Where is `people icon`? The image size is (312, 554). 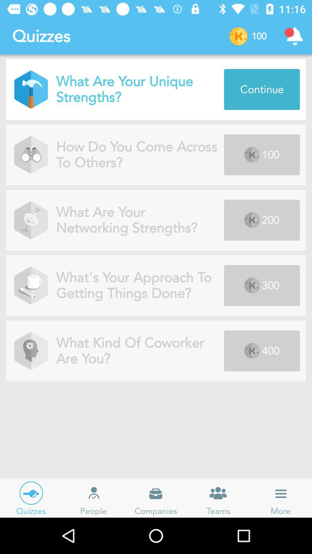 people icon is located at coordinates (93, 493).